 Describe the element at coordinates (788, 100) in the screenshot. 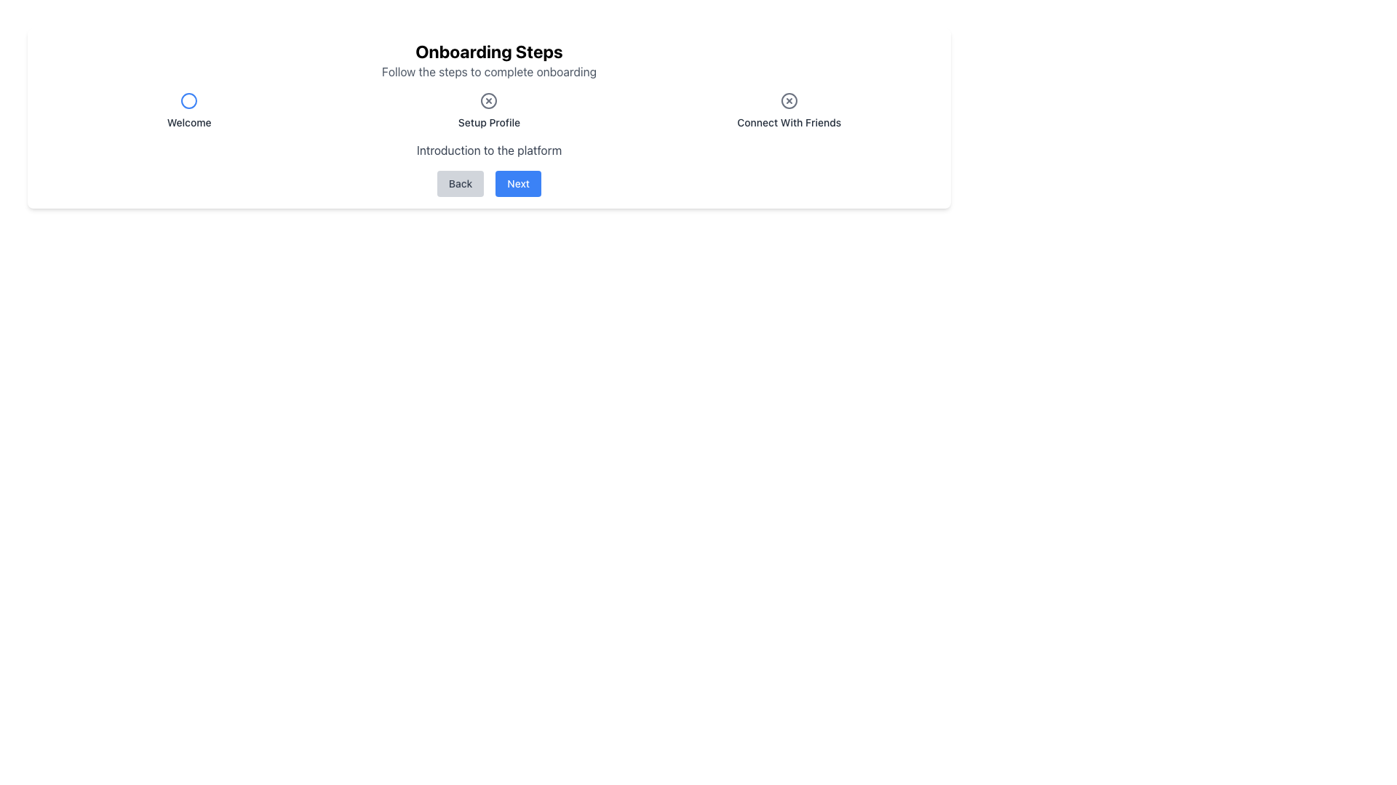

I see `circular icon with a cross mark (X) inside it, located above the step title text in the 'Connect With Friends' onboarding step` at that location.